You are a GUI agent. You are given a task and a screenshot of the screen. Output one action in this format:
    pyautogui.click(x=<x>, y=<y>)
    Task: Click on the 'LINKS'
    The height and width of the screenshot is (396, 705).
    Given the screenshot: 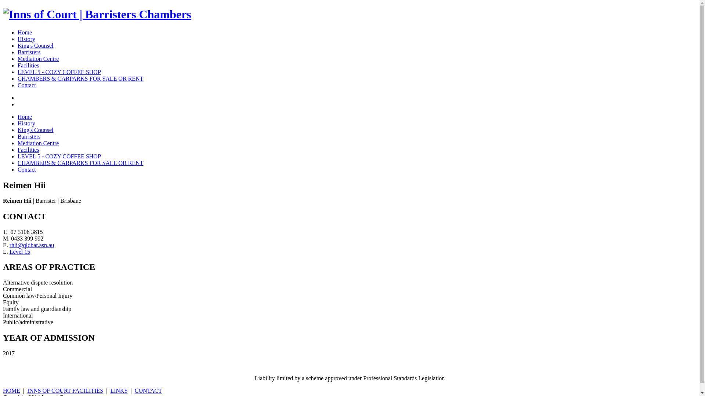 What is the action you would take?
    pyautogui.click(x=109, y=390)
    